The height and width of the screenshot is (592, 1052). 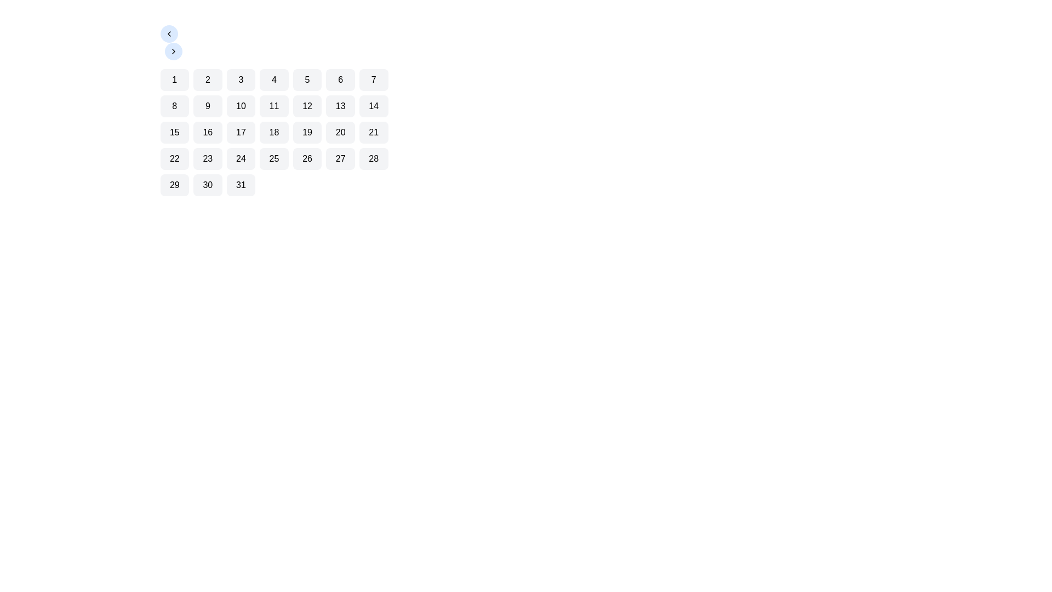 What do you see at coordinates (374, 132) in the screenshot?
I see `the button-like element representing a specific day in the calendar grid, located in the fourth row and seventh column, adjacent to the element with text '20' on its left and above the element with text '28'` at bounding box center [374, 132].